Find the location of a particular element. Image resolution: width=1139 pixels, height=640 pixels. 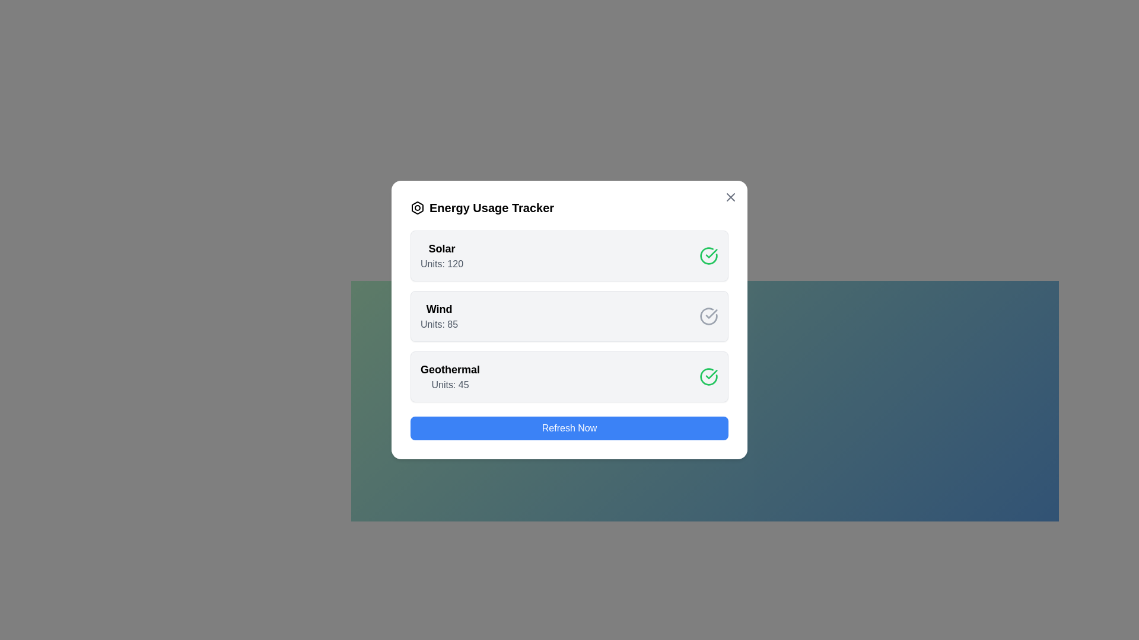

the status icon in the Data display section labeled 'Wind' with the text 'Units: 85' below it, which is located in the 'Energy Usage Tracker' modal window is located at coordinates (569, 315).